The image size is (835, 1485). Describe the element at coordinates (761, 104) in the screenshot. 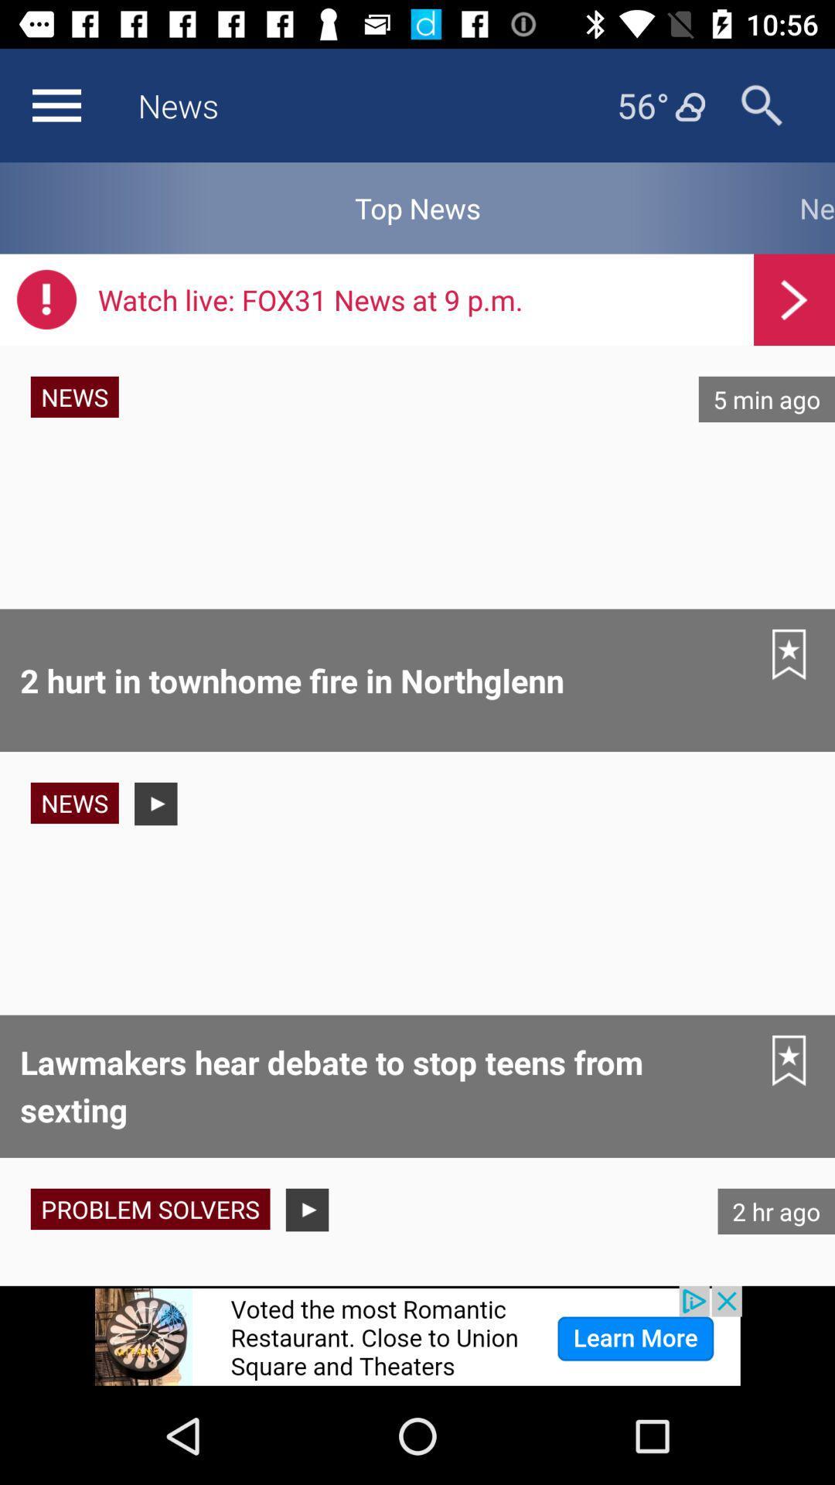

I see `the search icon` at that location.